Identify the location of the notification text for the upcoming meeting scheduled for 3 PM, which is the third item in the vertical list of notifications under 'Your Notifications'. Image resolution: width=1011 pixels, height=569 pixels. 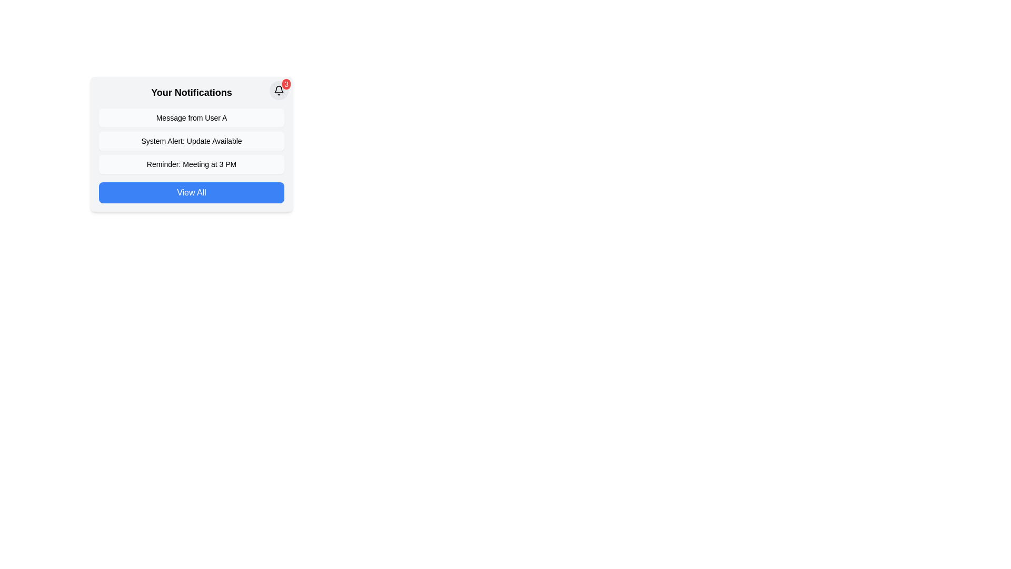
(192, 164).